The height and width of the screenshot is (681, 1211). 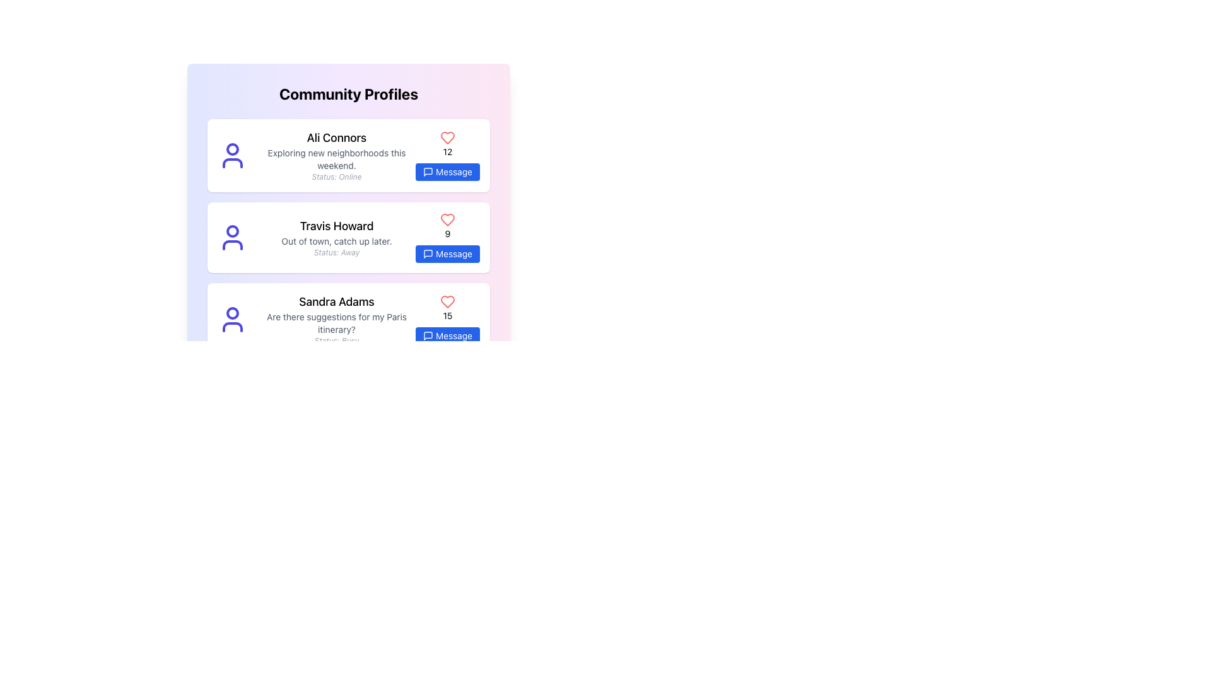 What do you see at coordinates (336, 318) in the screenshot?
I see `the text block displaying user information for 'Sandra Adams', located in the third box of the user profile list` at bounding box center [336, 318].